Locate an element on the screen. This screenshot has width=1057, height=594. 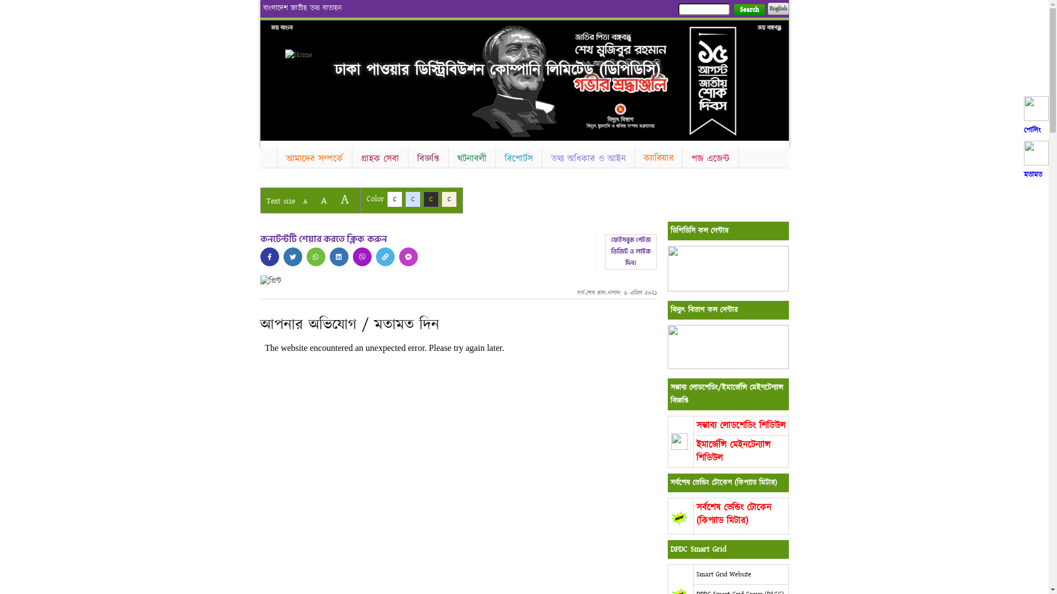
'A' is located at coordinates (323, 200).